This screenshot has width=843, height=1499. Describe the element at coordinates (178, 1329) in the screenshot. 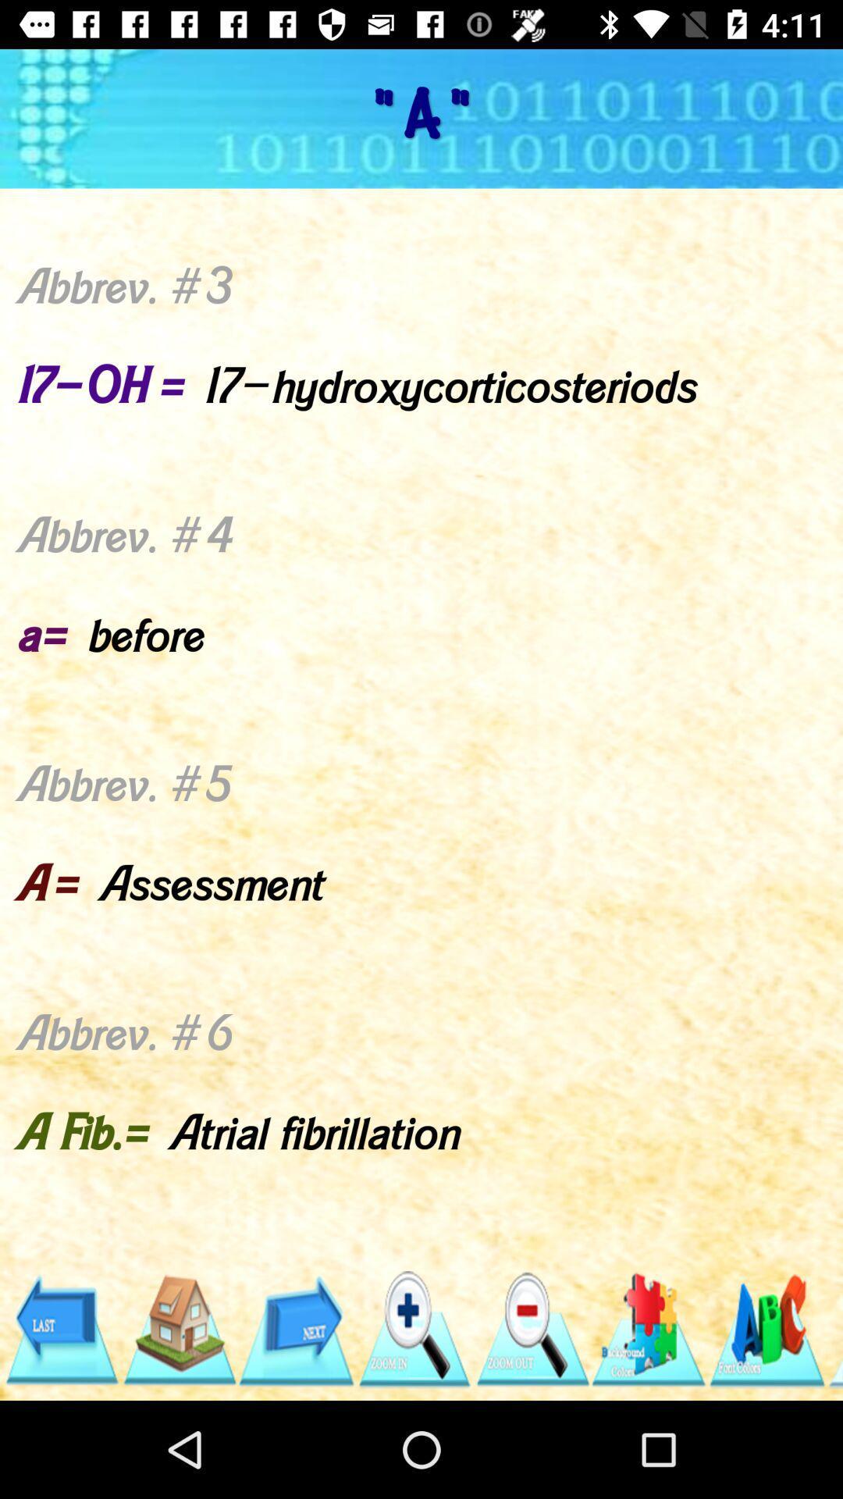

I see `click home` at that location.